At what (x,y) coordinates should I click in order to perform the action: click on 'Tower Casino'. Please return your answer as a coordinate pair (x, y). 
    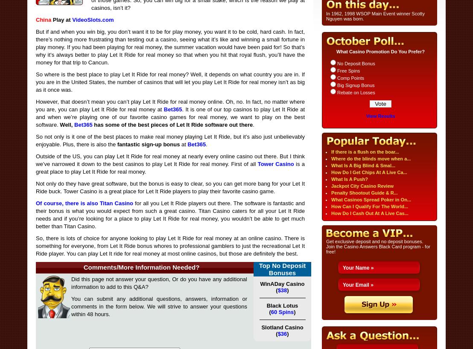
    Looking at the image, I should click on (275, 164).